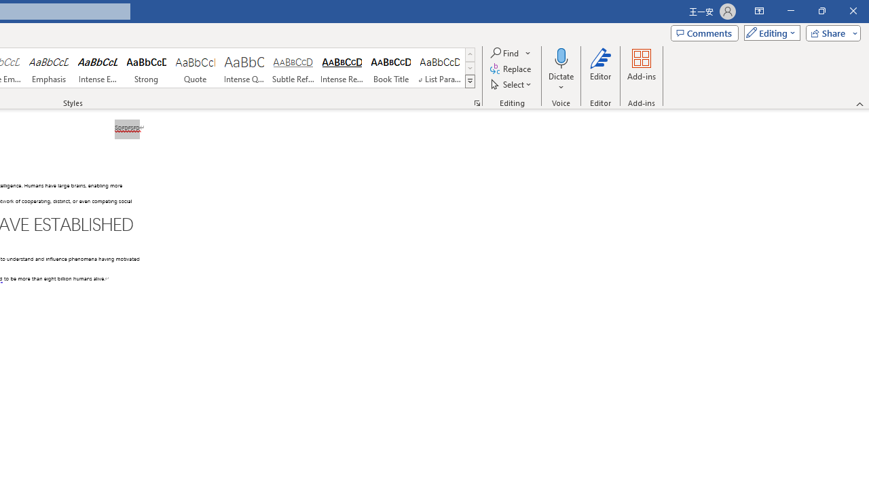  Describe the element at coordinates (195, 68) in the screenshot. I see `'Quote'` at that location.